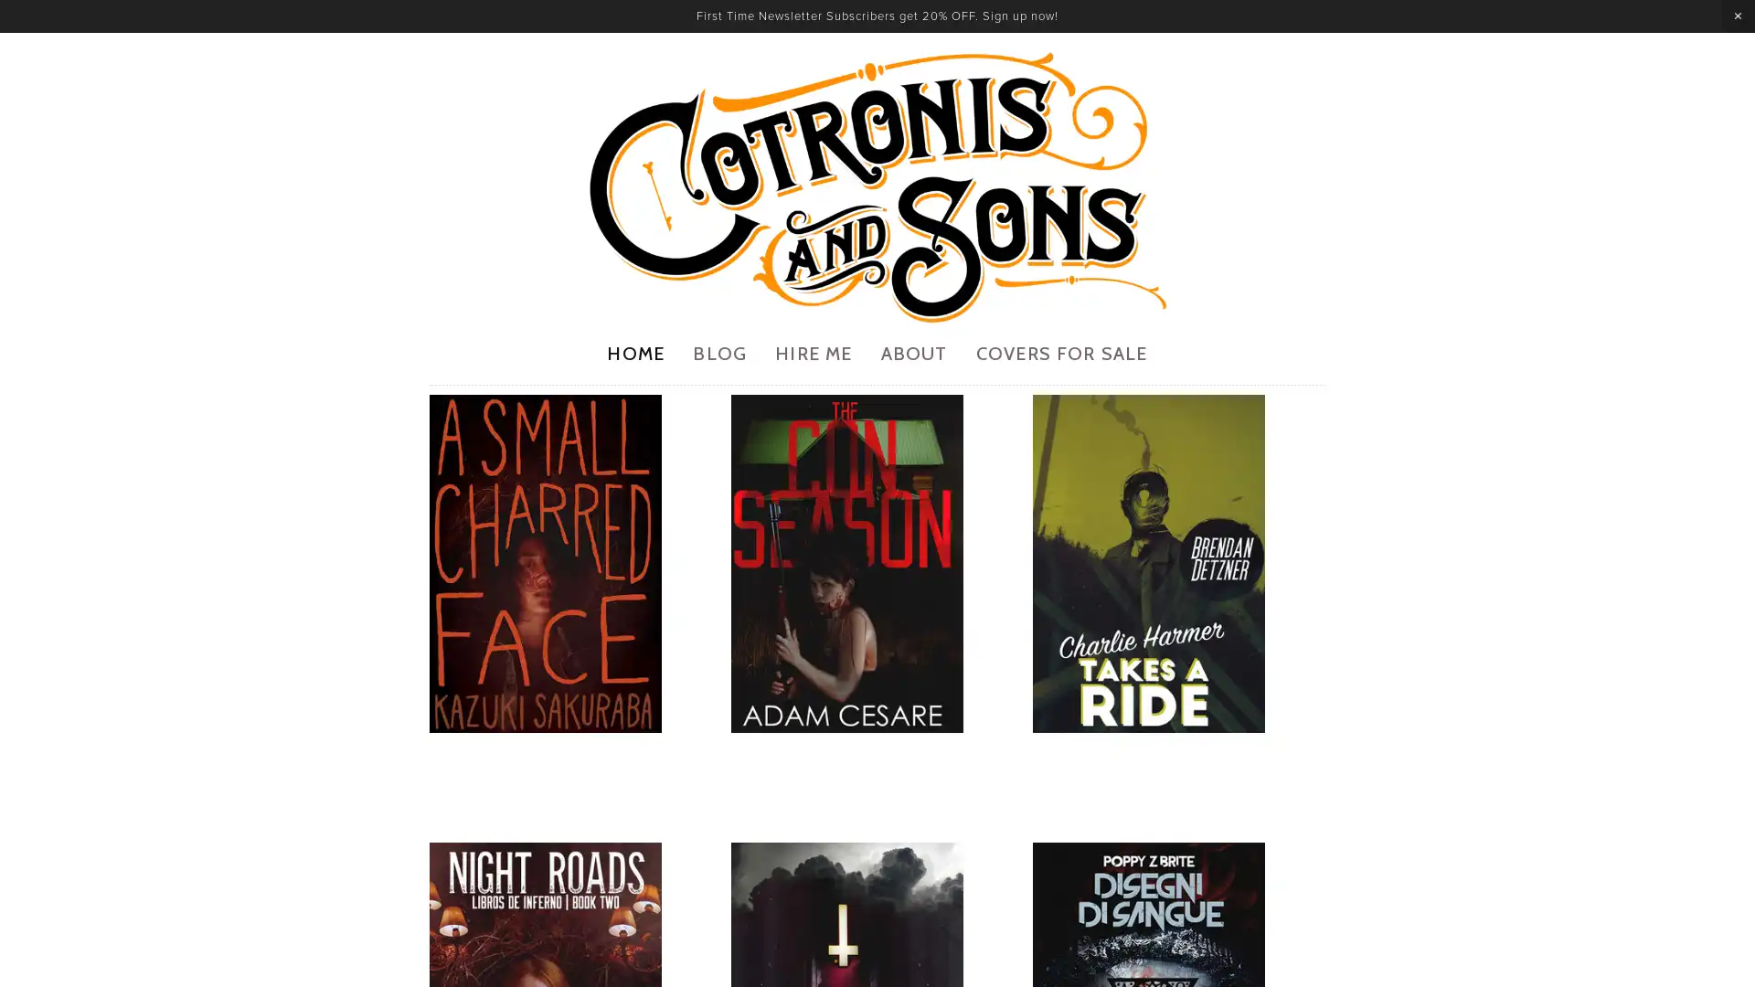 Image resolution: width=1755 pixels, height=987 pixels. Describe the element at coordinates (574, 613) in the screenshot. I see `View fullsize 1.jpg` at that location.